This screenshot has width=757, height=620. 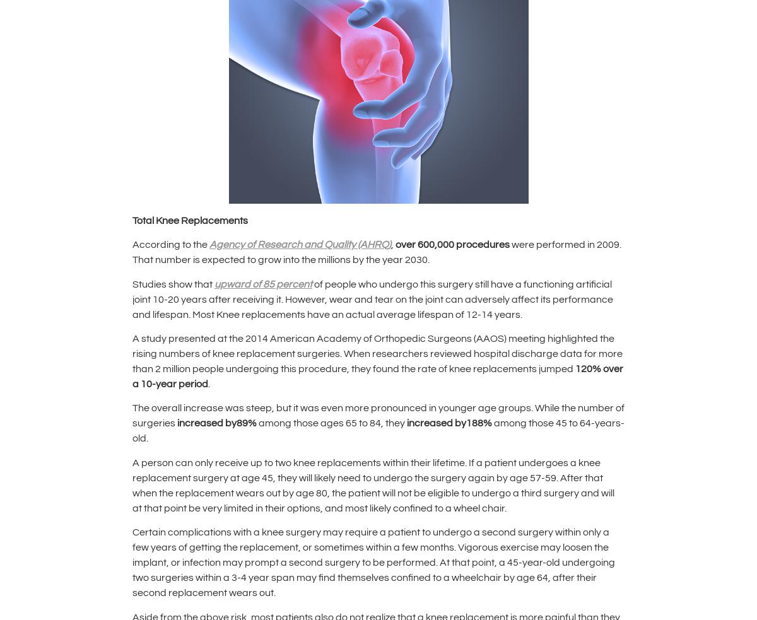 I want to click on 'A study presented at the 2014 American Academy of Orthopedic Surgeons (AAOS) meeting highlighted the rising numbers of knee replacement surgeries. When researchers reviewed hospital discharge data for more than 2 million people undergoing this procedure, they found the rate of knee replacements jumped', so click(x=377, y=353).